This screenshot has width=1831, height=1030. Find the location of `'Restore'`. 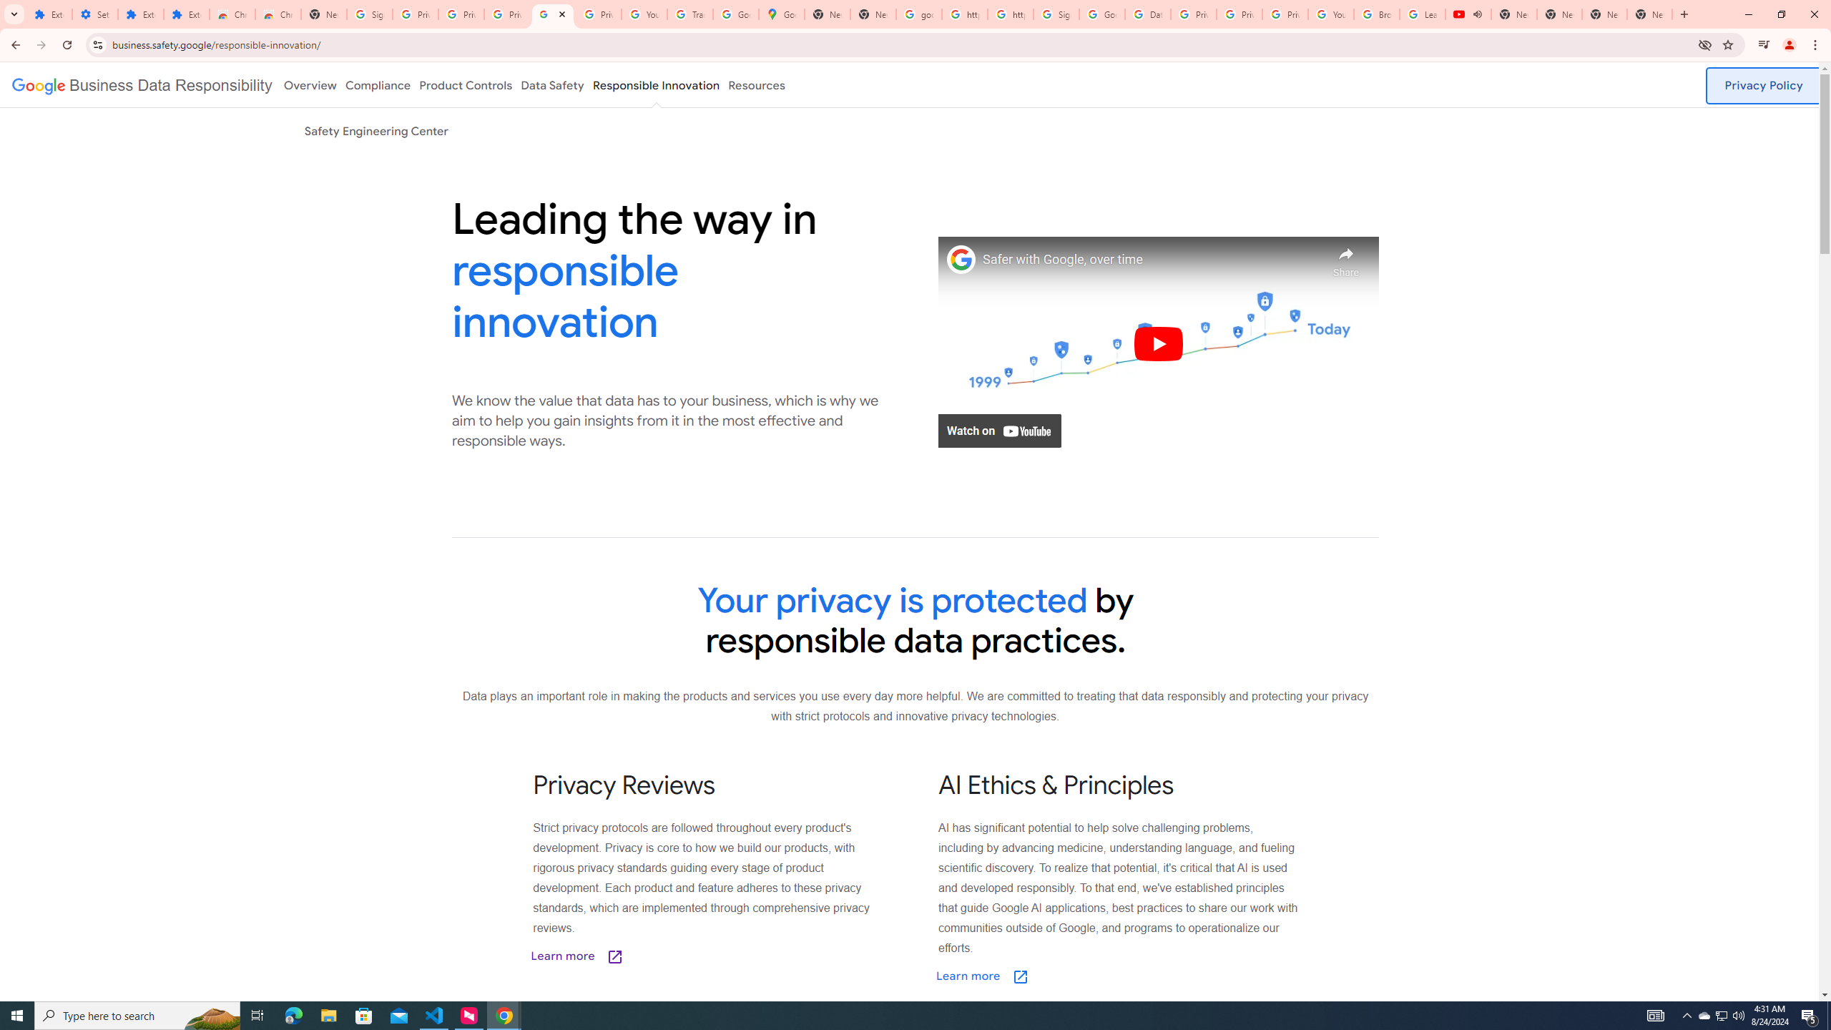

'Restore' is located at coordinates (1781, 14).